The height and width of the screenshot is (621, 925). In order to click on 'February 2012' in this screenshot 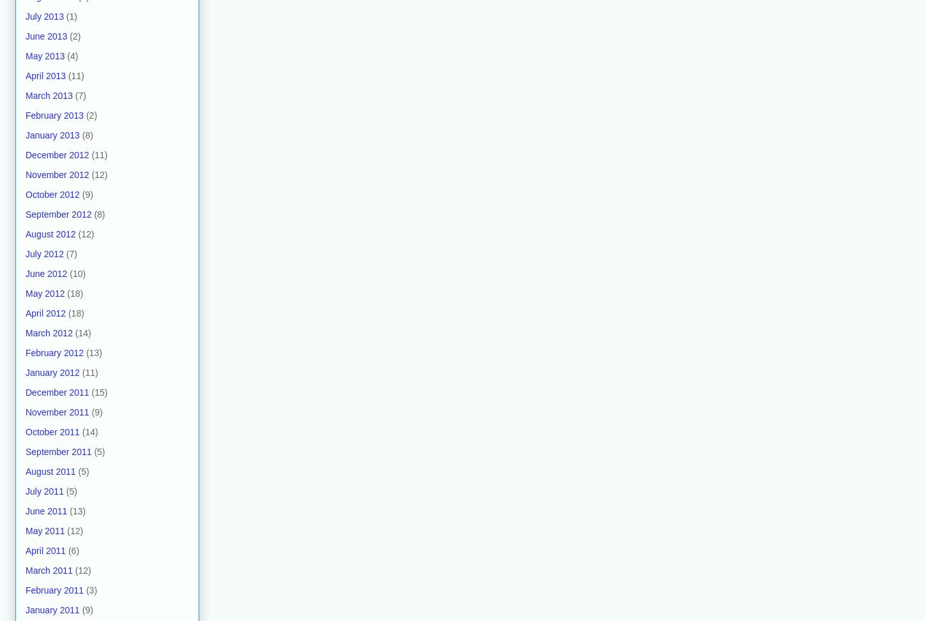, I will do `click(54, 351)`.